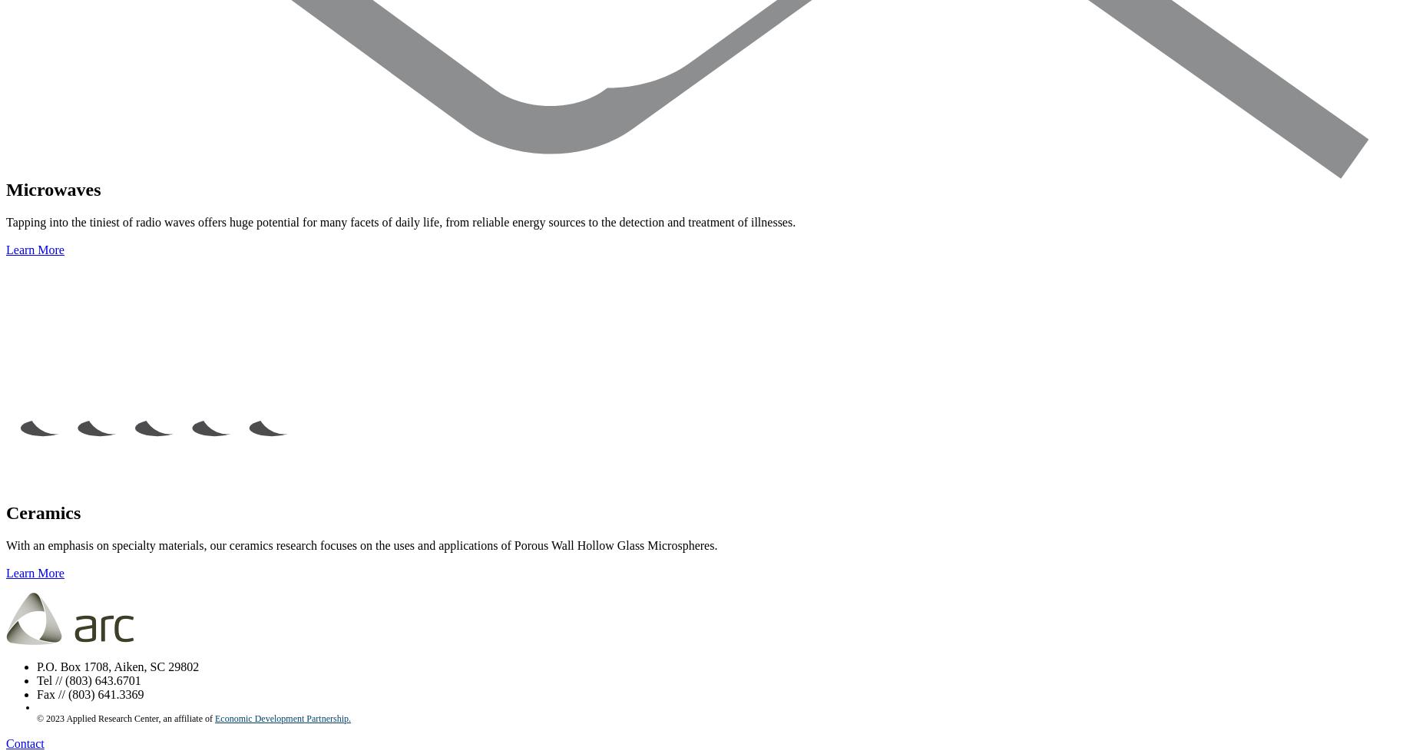 This screenshot has width=1426, height=754. Describe the element at coordinates (401, 222) in the screenshot. I see `'Tapping into the tiniest of radio waves offers huge potential for many facets of daily life, from reliable energy sources to the detection and treatment of illnesses.'` at that location.